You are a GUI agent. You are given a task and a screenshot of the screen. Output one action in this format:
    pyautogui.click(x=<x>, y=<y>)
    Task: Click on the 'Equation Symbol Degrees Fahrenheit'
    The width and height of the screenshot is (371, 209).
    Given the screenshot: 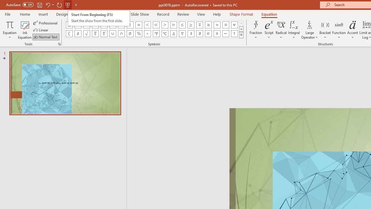 What is the action you would take?
    pyautogui.click(x=156, y=33)
    